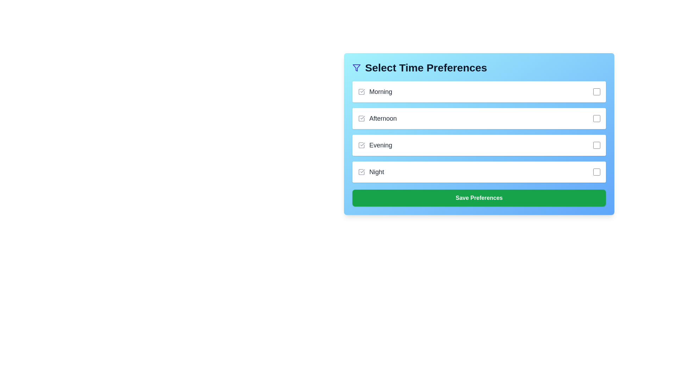  What do you see at coordinates (596, 118) in the screenshot?
I see `the checkbox located at the far right edge of the 'Afternoon' row` at bounding box center [596, 118].